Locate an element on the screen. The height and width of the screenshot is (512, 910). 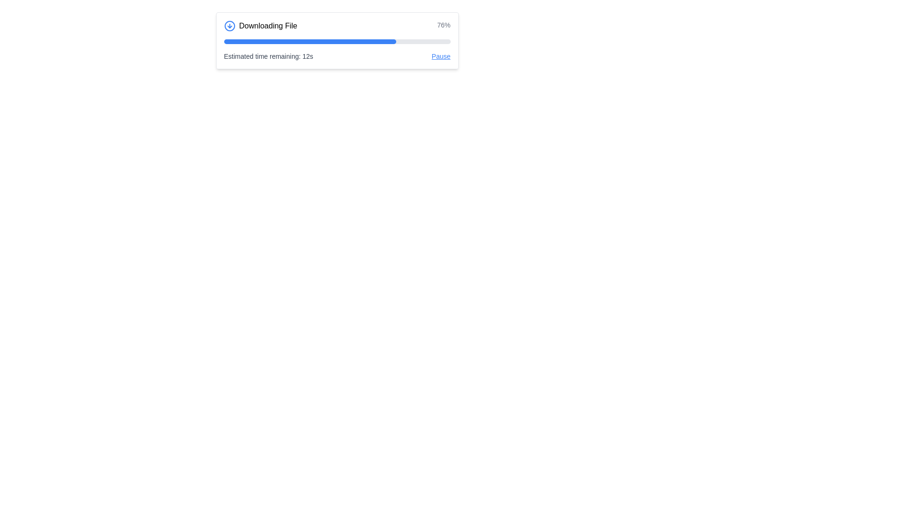
the Text label that describes the current operation of downloading a file, positioned to the right of the blue circular download icon and to the left of the progress bar is located at coordinates (267, 25).